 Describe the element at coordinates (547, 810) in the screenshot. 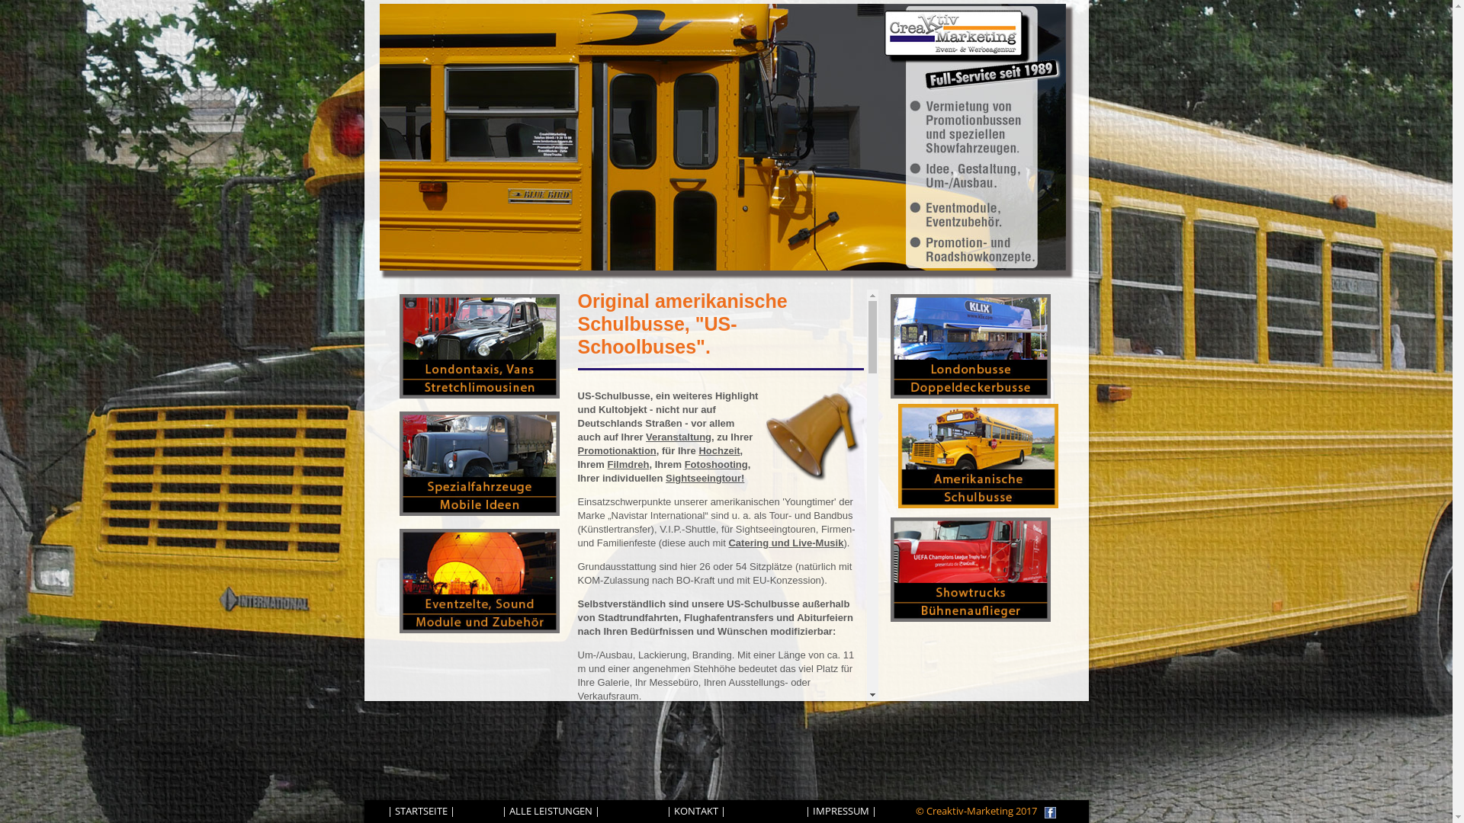

I see `'| ALLE LEISTUNGEN'` at that location.